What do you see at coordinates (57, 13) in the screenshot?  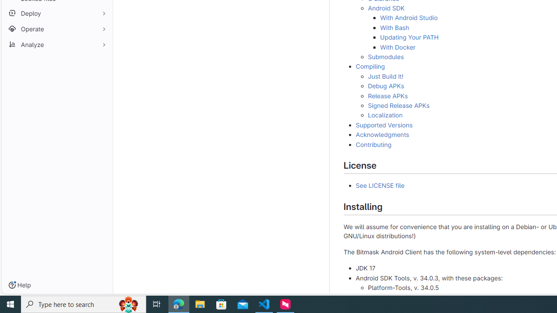 I see `'Deploy'` at bounding box center [57, 13].